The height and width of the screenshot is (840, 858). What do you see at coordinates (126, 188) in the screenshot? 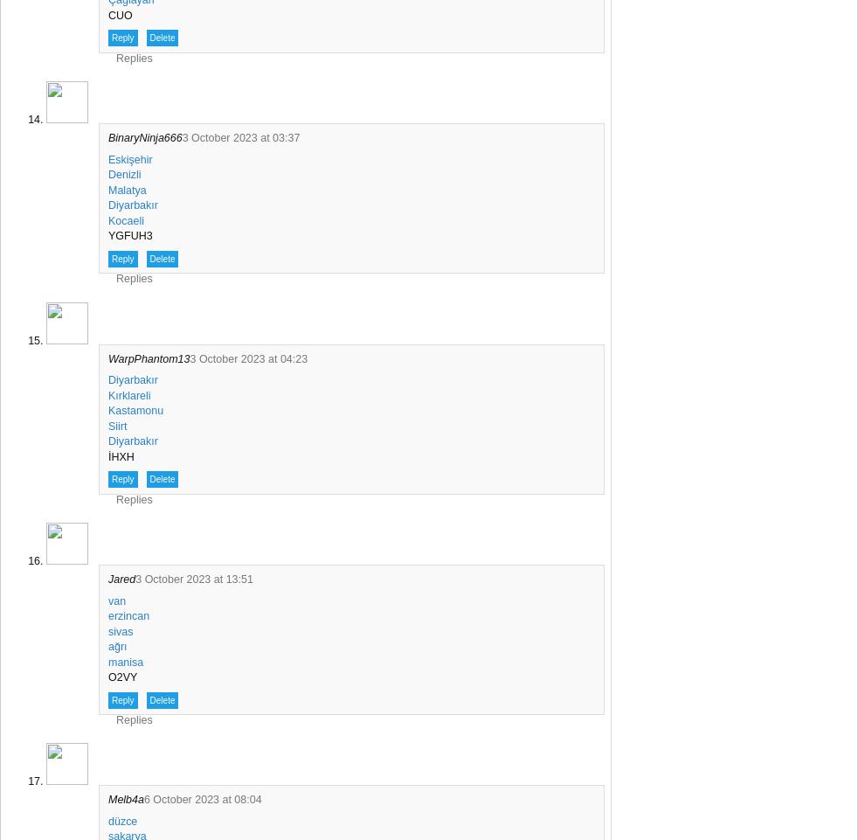
I see `'Malatya'` at bounding box center [126, 188].